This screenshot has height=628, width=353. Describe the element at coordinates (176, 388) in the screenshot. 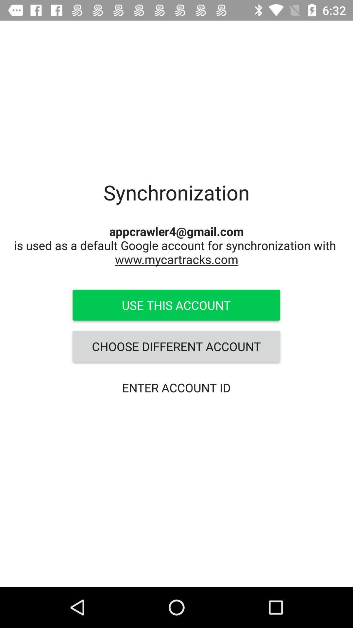

I see `item below the choose different account item` at that location.